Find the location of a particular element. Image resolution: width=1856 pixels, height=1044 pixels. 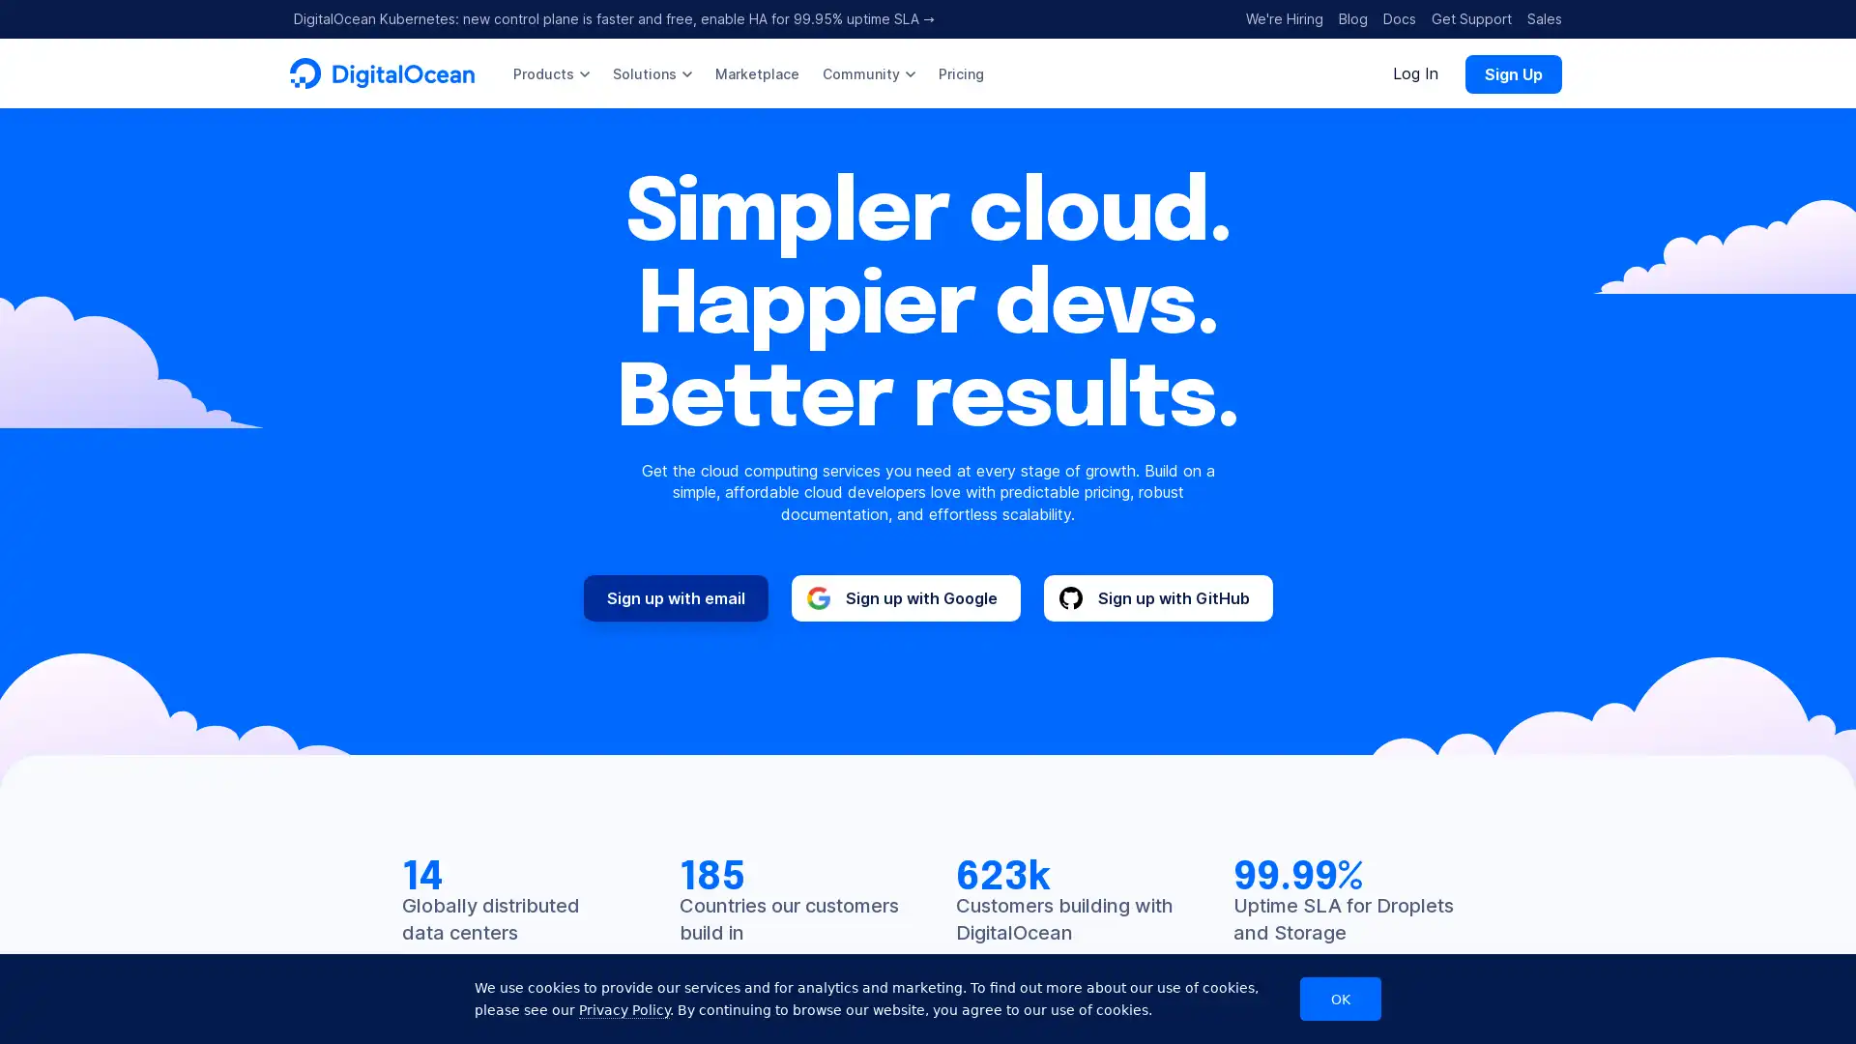

Products is located at coordinates (550, 72).